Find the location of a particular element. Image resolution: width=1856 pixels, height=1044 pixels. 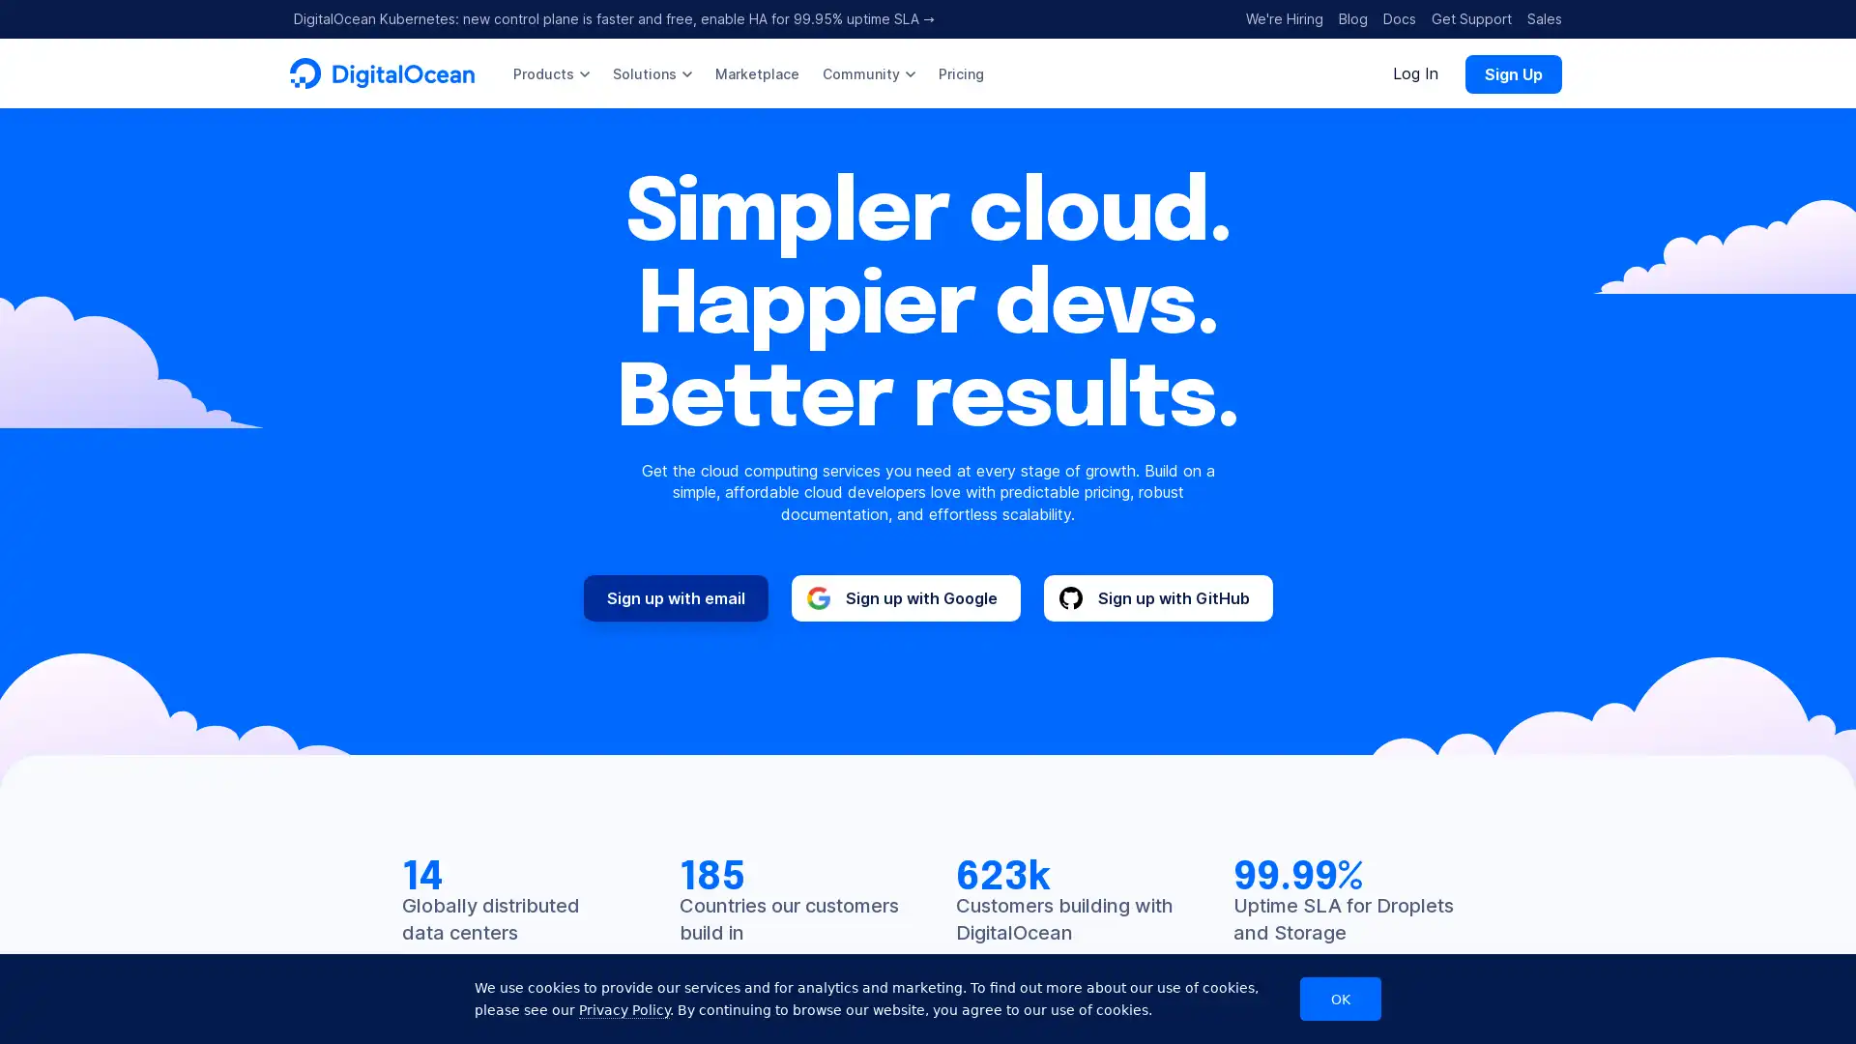

Products is located at coordinates (550, 72).